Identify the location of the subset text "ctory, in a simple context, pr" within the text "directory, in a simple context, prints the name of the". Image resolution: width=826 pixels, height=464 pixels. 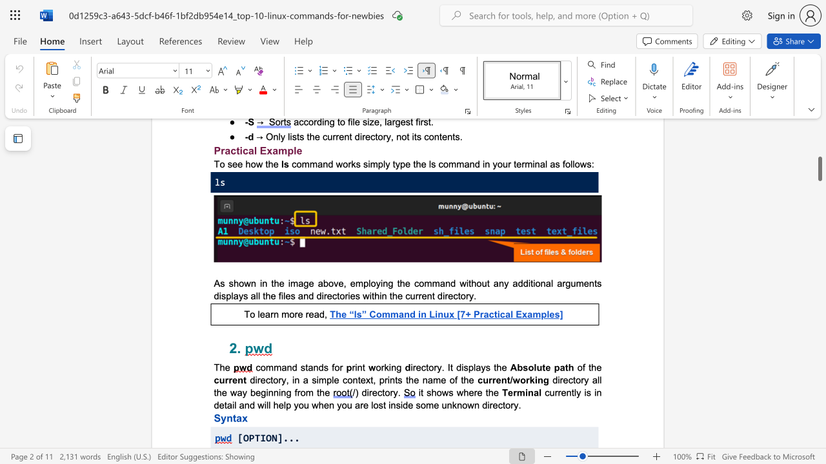
(265, 379).